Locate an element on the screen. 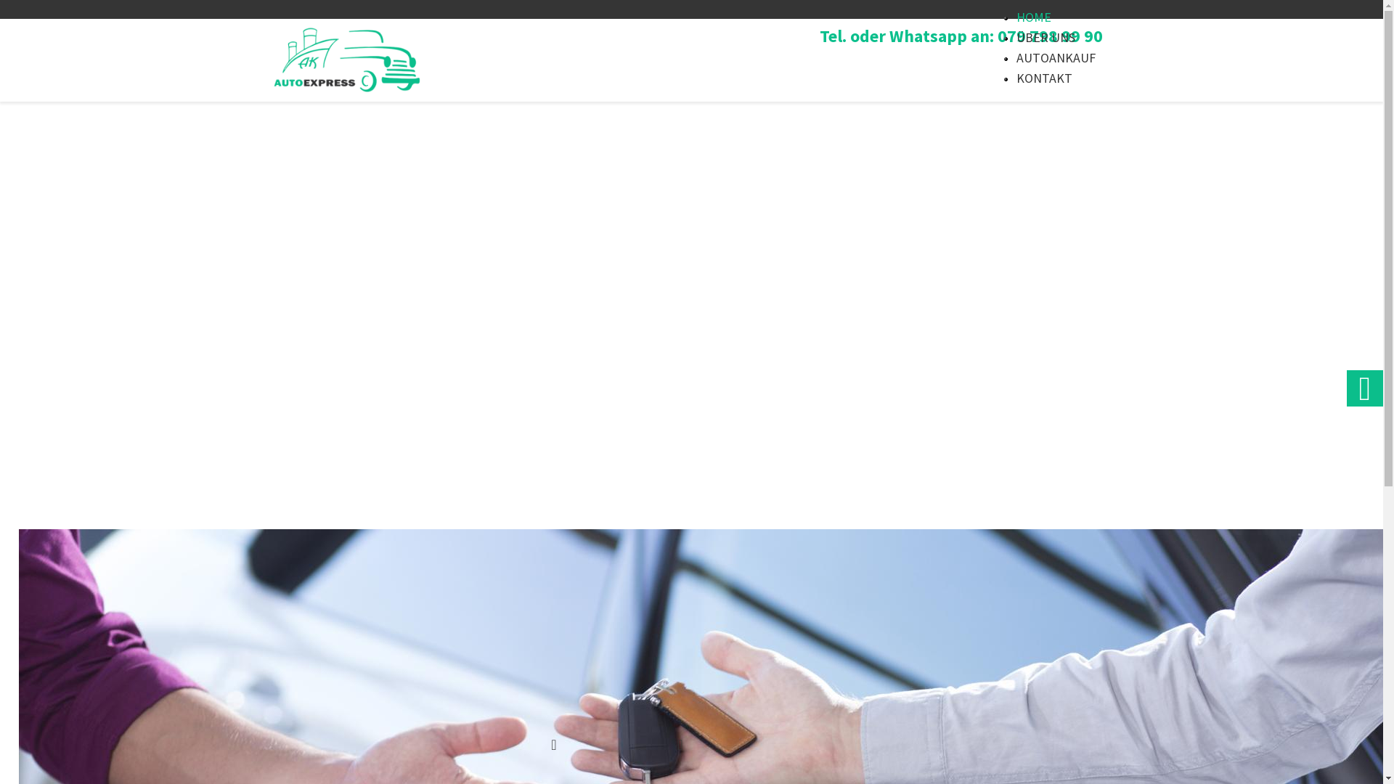 Image resolution: width=1394 pixels, height=784 pixels. '079 798 99 90' is located at coordinates (607, 744).